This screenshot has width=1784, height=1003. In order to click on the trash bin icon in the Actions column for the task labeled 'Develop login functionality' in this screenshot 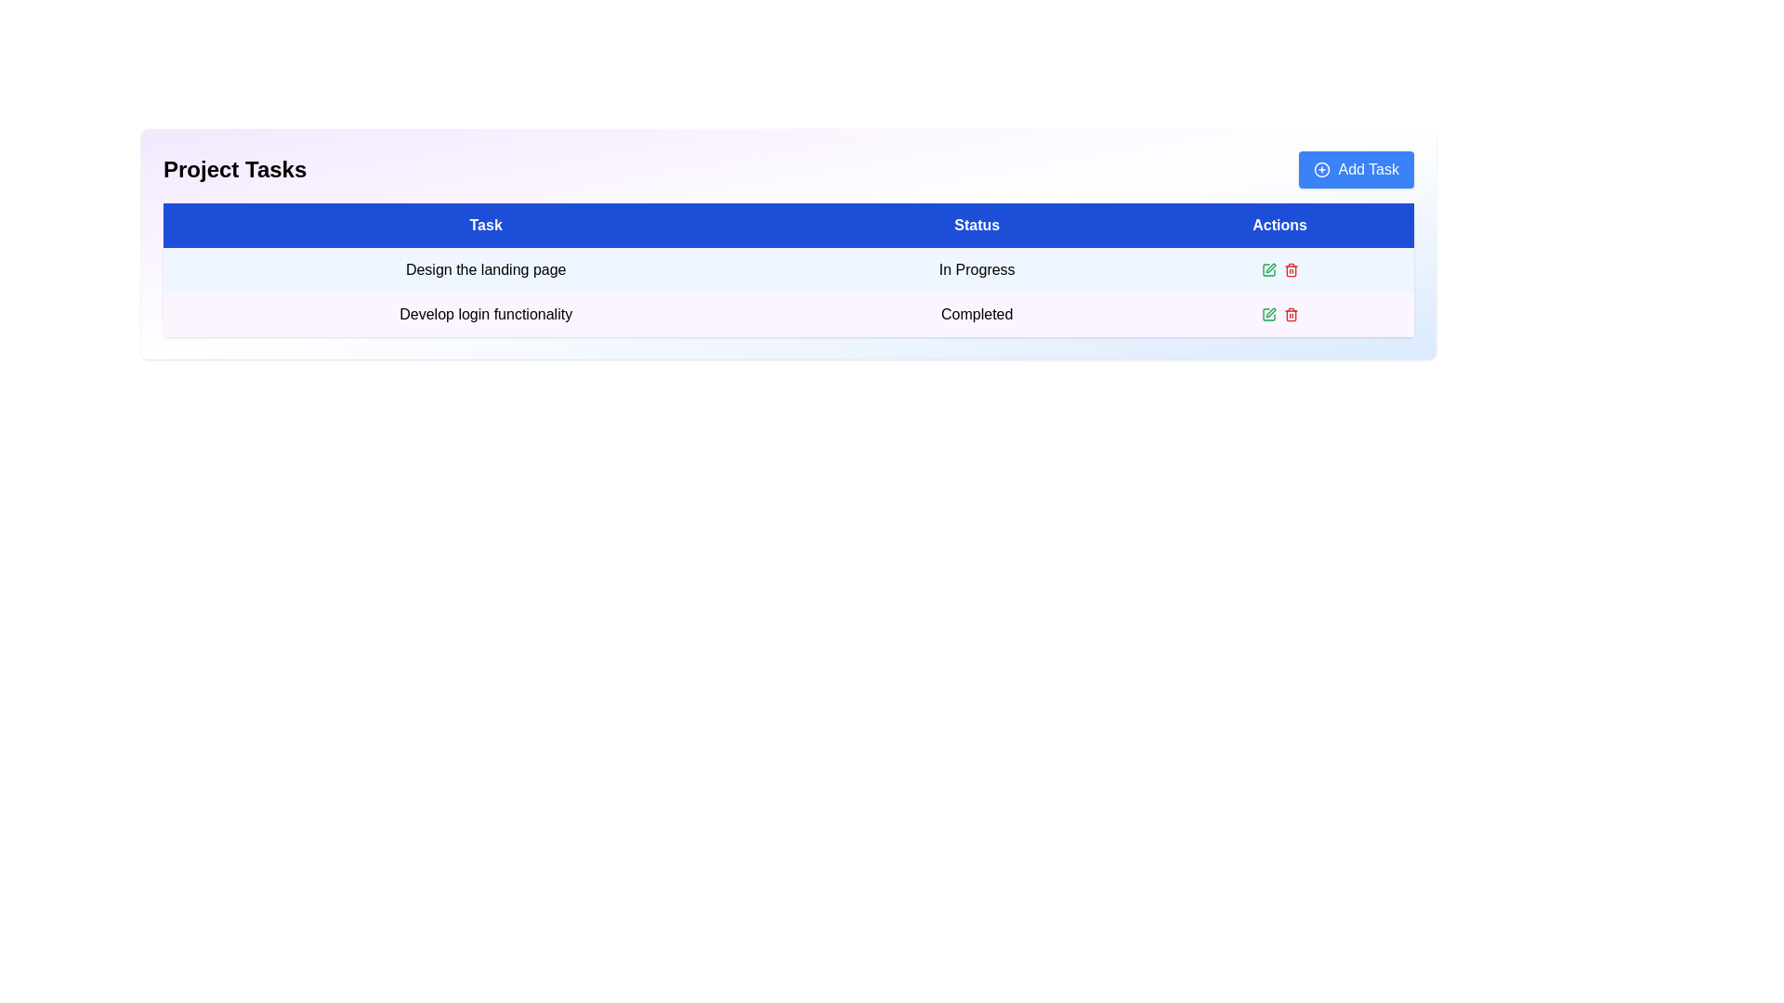, I will do `click(1290, 271)`.